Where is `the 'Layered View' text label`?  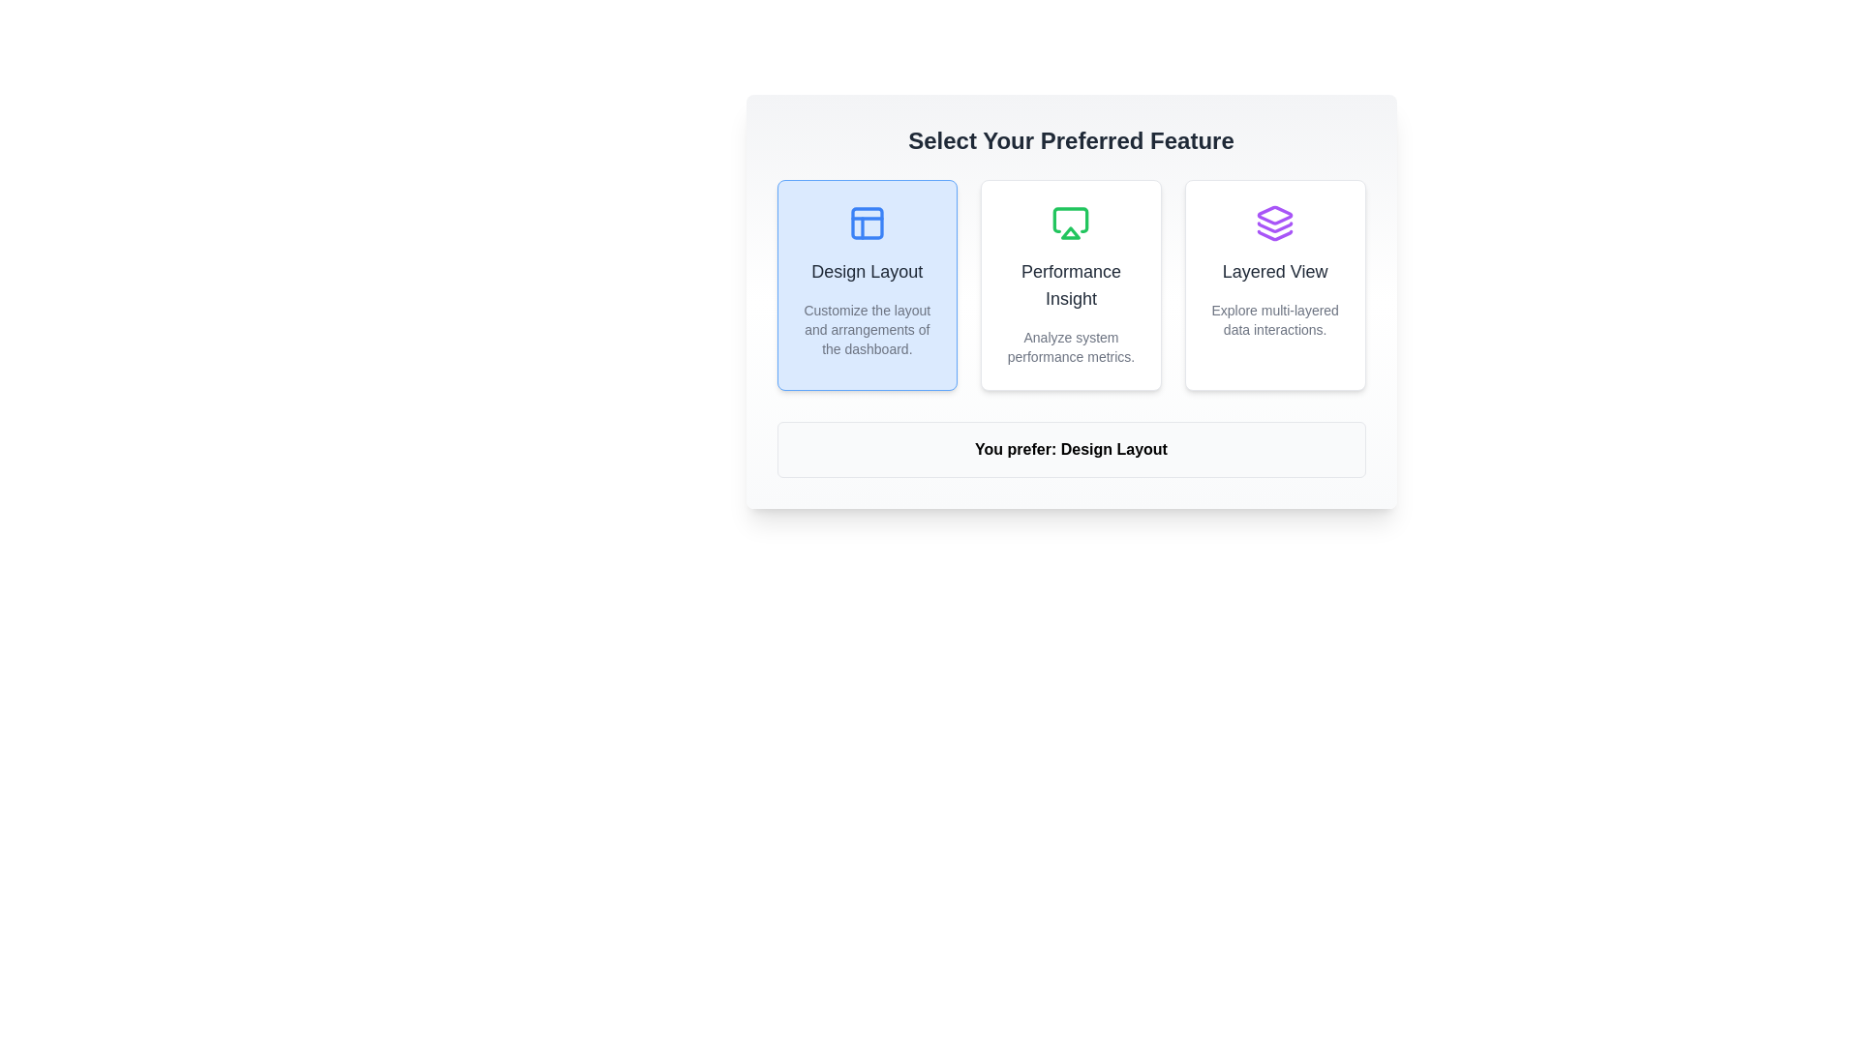
the 'Layered View' text label is located at coordinates (1275, 272).